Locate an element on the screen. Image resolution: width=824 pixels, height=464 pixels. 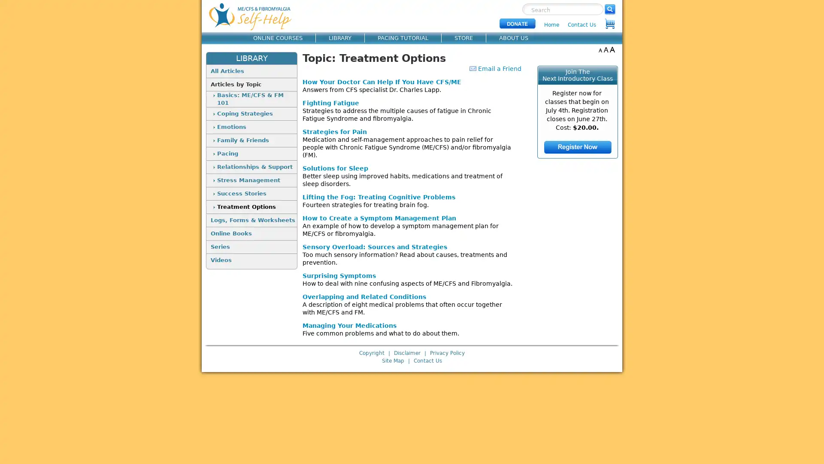
A is located at coordinates (600, 49).